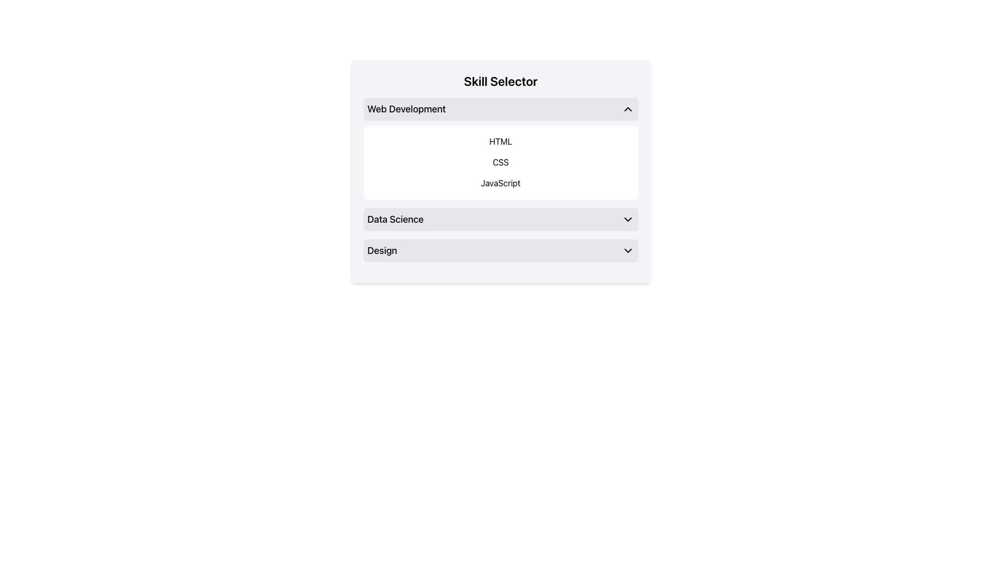 This screenshot has width=1000, height=562. Describe the element at coordinates (382, 251) in the screenshot. I see `the text label displaying the word 'Design' in bold within the 'Skill Selector' interface under the 'Data Science' header` at that location.